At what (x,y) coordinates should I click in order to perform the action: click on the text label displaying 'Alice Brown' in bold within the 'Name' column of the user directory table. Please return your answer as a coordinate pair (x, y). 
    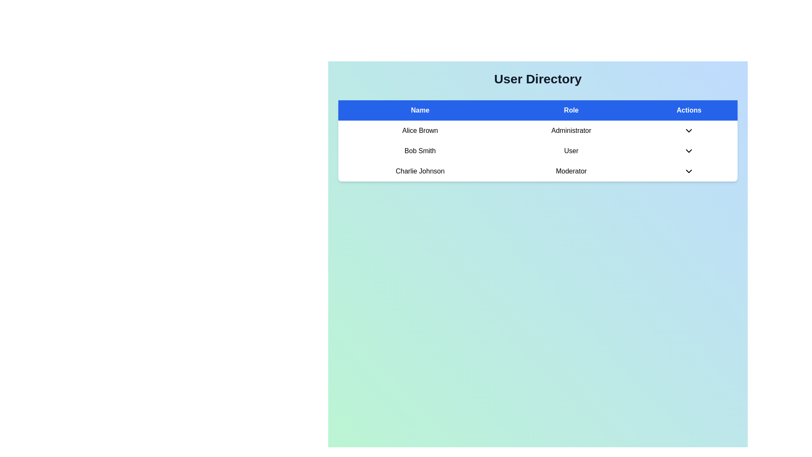
    Looking at the image, I should click on (420, 130).